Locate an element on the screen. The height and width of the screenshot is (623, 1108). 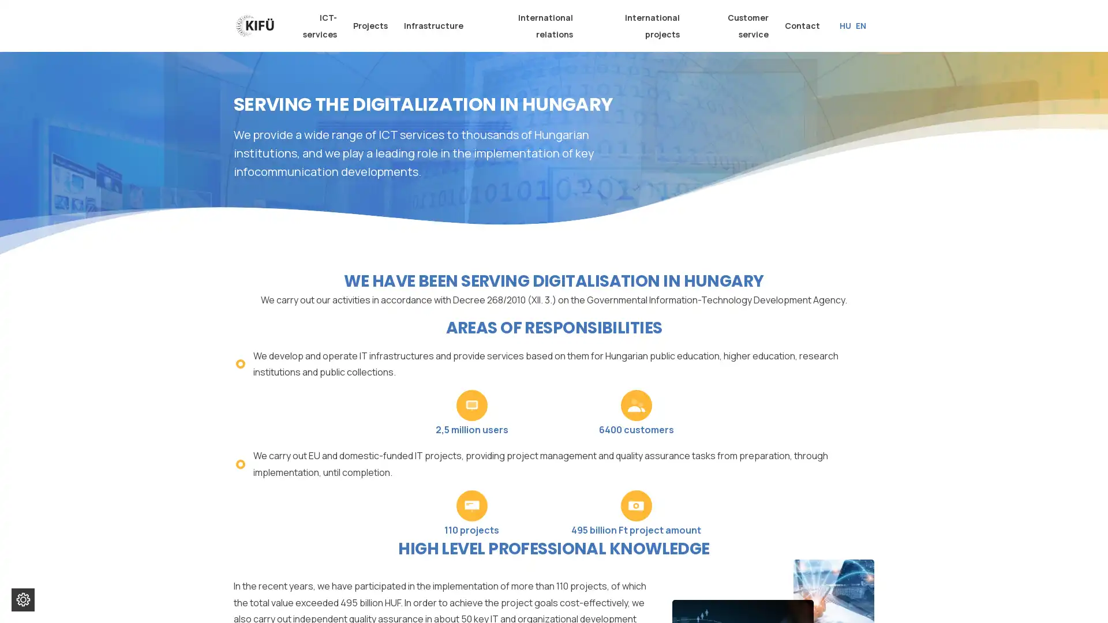
Change cookie settings is located at coordinates (23, 599).